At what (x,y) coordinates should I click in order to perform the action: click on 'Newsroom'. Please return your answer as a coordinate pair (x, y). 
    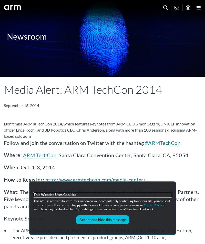
    Looking at the image, I should click on (26, 36).